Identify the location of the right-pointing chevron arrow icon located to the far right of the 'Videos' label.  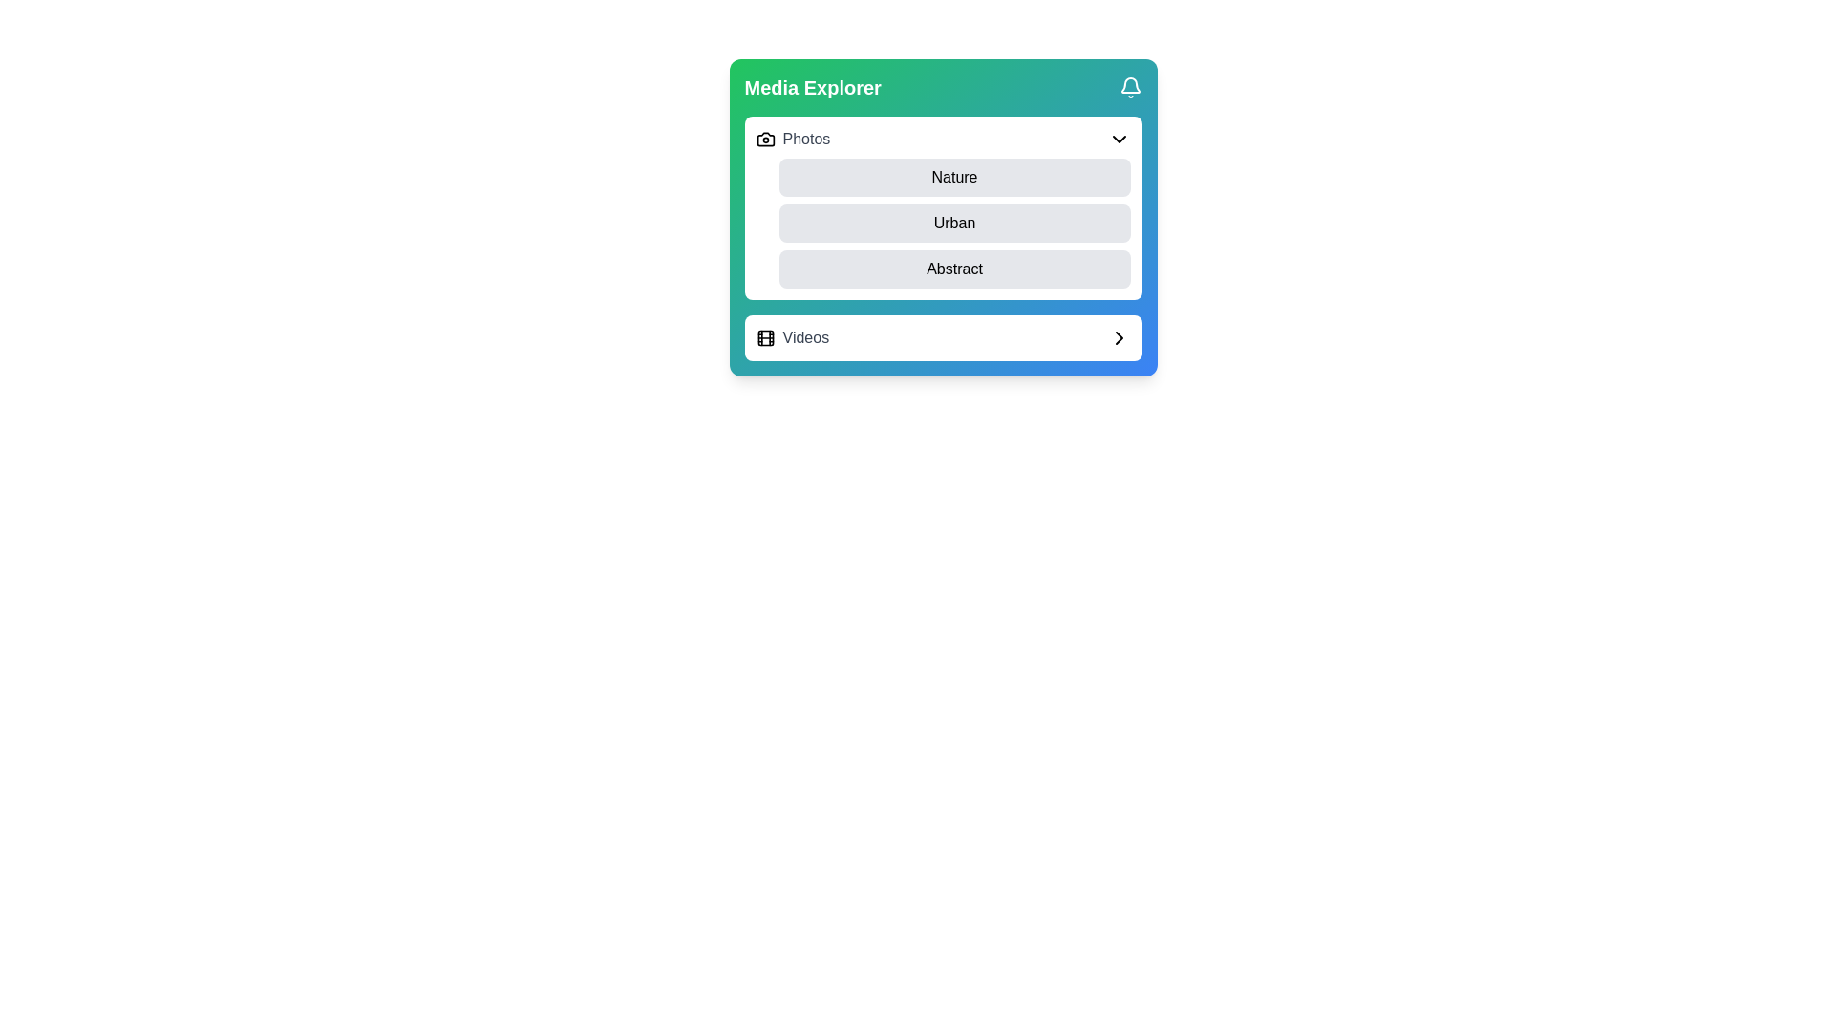
(1119, 337).